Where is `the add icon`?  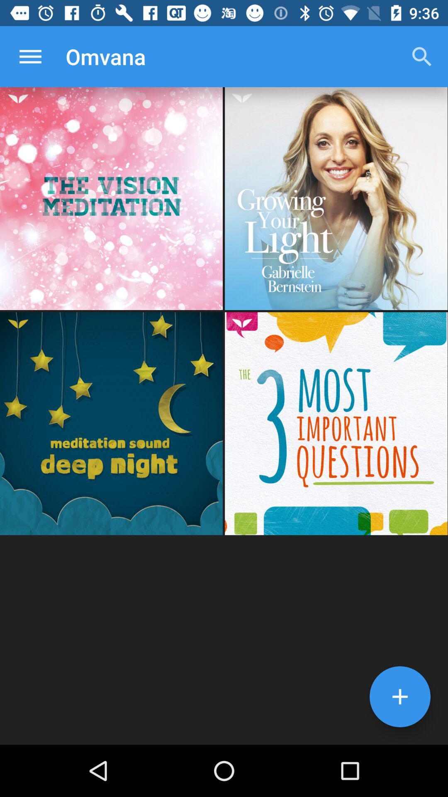 the add icon is located at coordinates (399, 697).